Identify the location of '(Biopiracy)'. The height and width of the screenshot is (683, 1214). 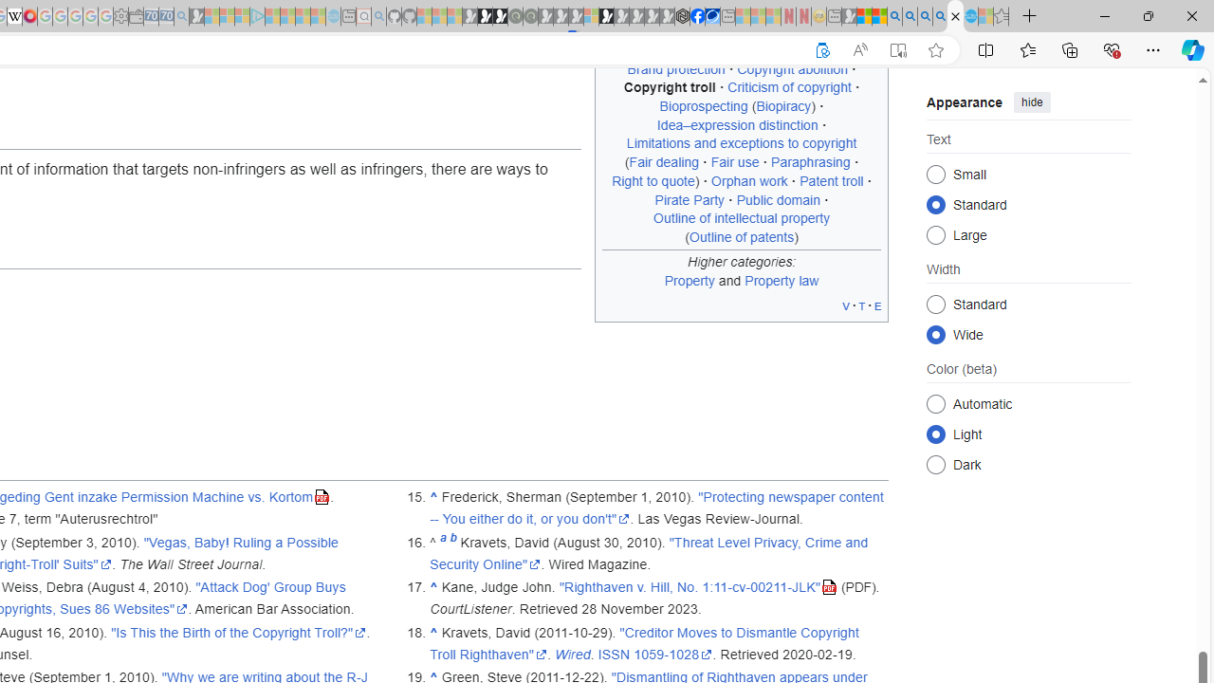
(783, 106).